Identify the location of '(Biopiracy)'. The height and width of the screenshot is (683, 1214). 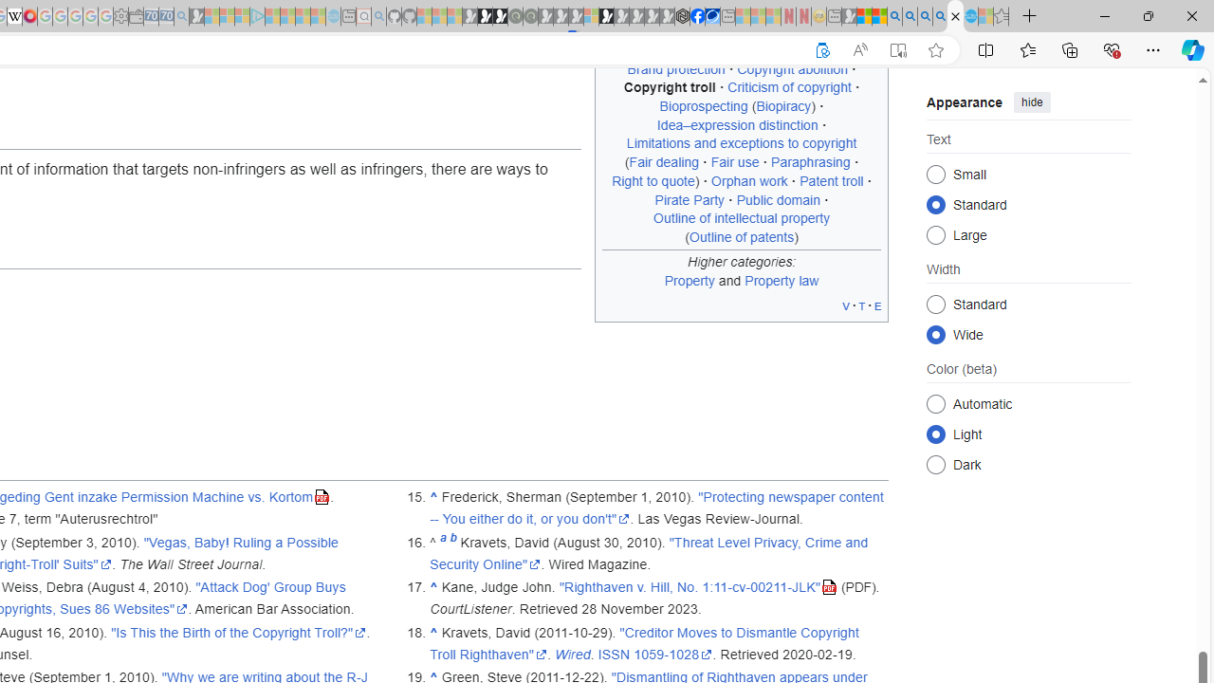
(783, 106).